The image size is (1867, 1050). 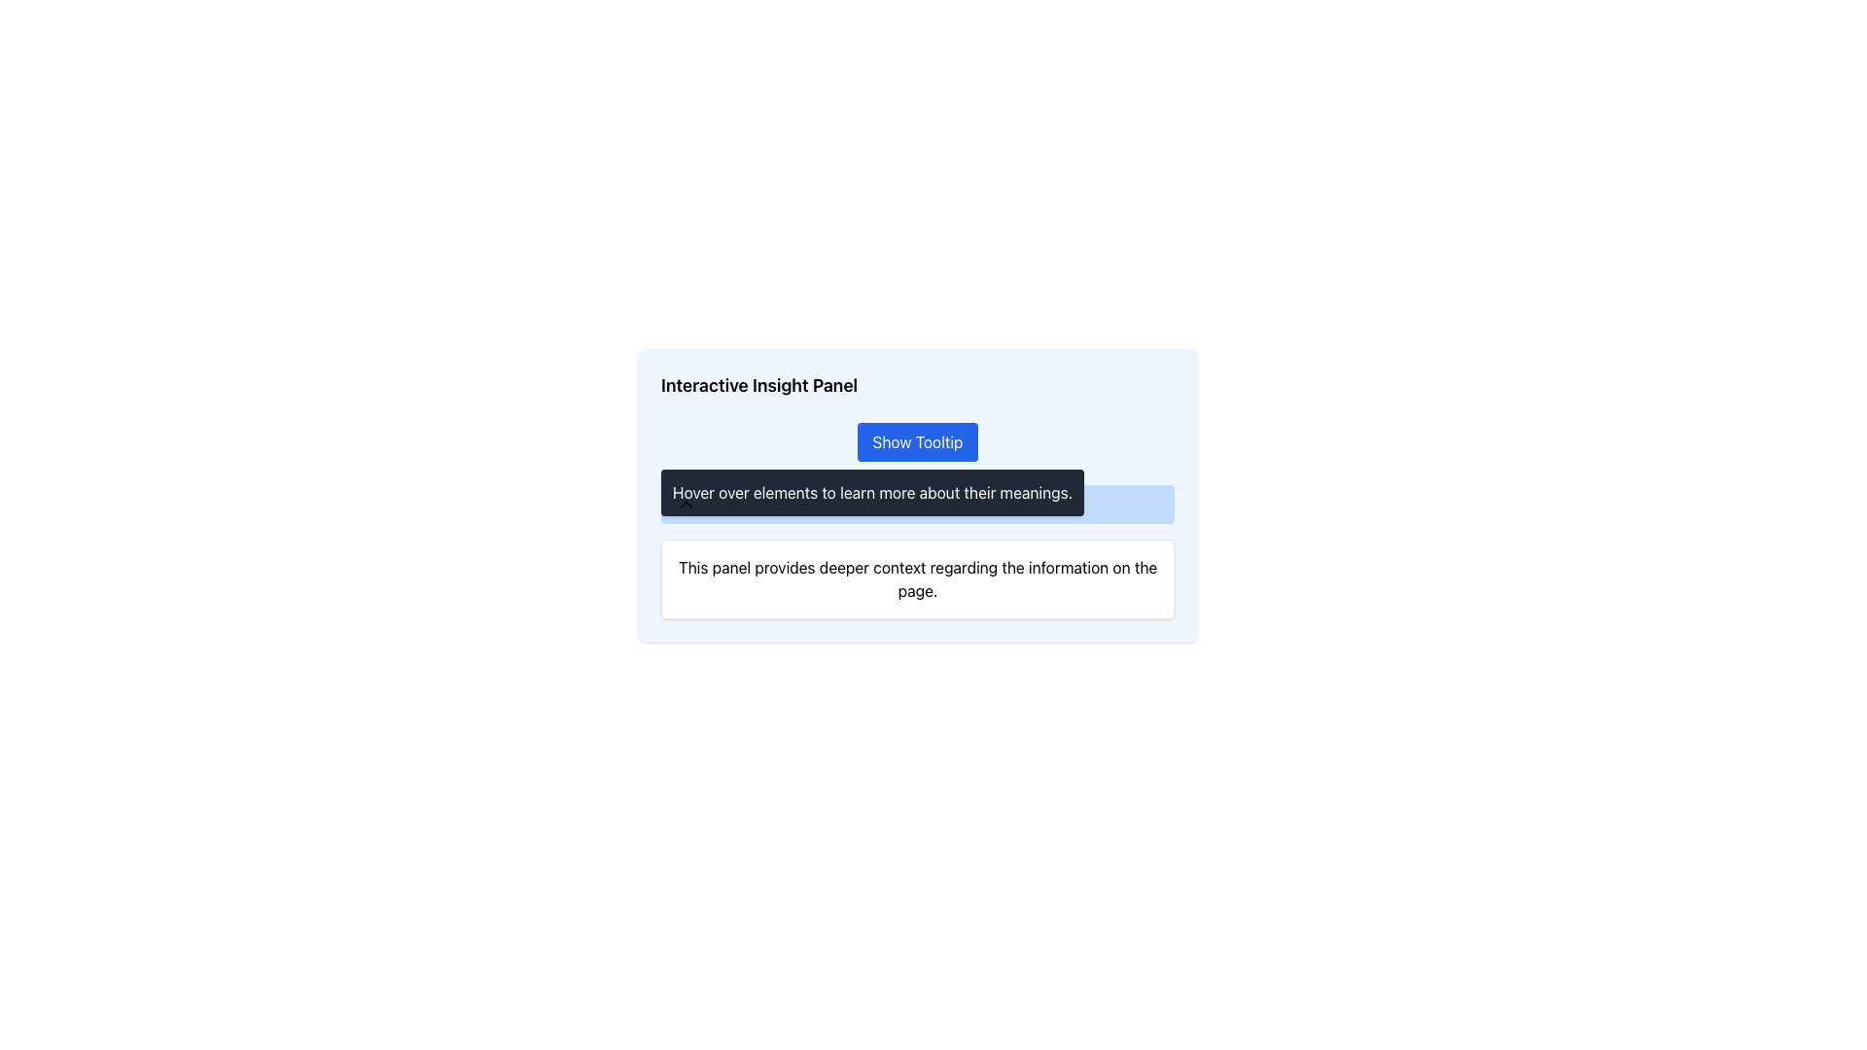 What do you see at coordinates (871, 491) in the screenshot?
I see `the tooltip or informative text box located below the 'Show Tooltip' button, which provides additional information when interacted with` at bounding box center [871, 491].